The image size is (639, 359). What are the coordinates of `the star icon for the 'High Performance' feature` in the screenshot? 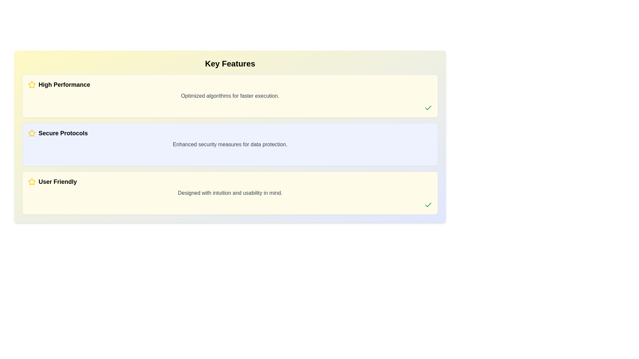 It's located at (32, 84).